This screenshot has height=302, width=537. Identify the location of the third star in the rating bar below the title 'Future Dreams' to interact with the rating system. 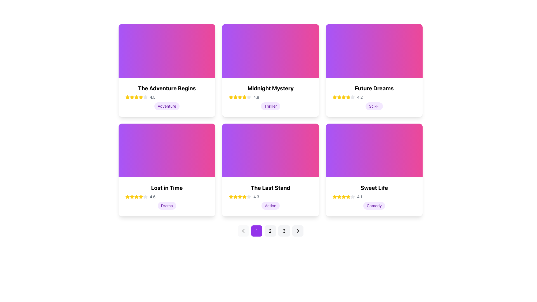
(352, 97).